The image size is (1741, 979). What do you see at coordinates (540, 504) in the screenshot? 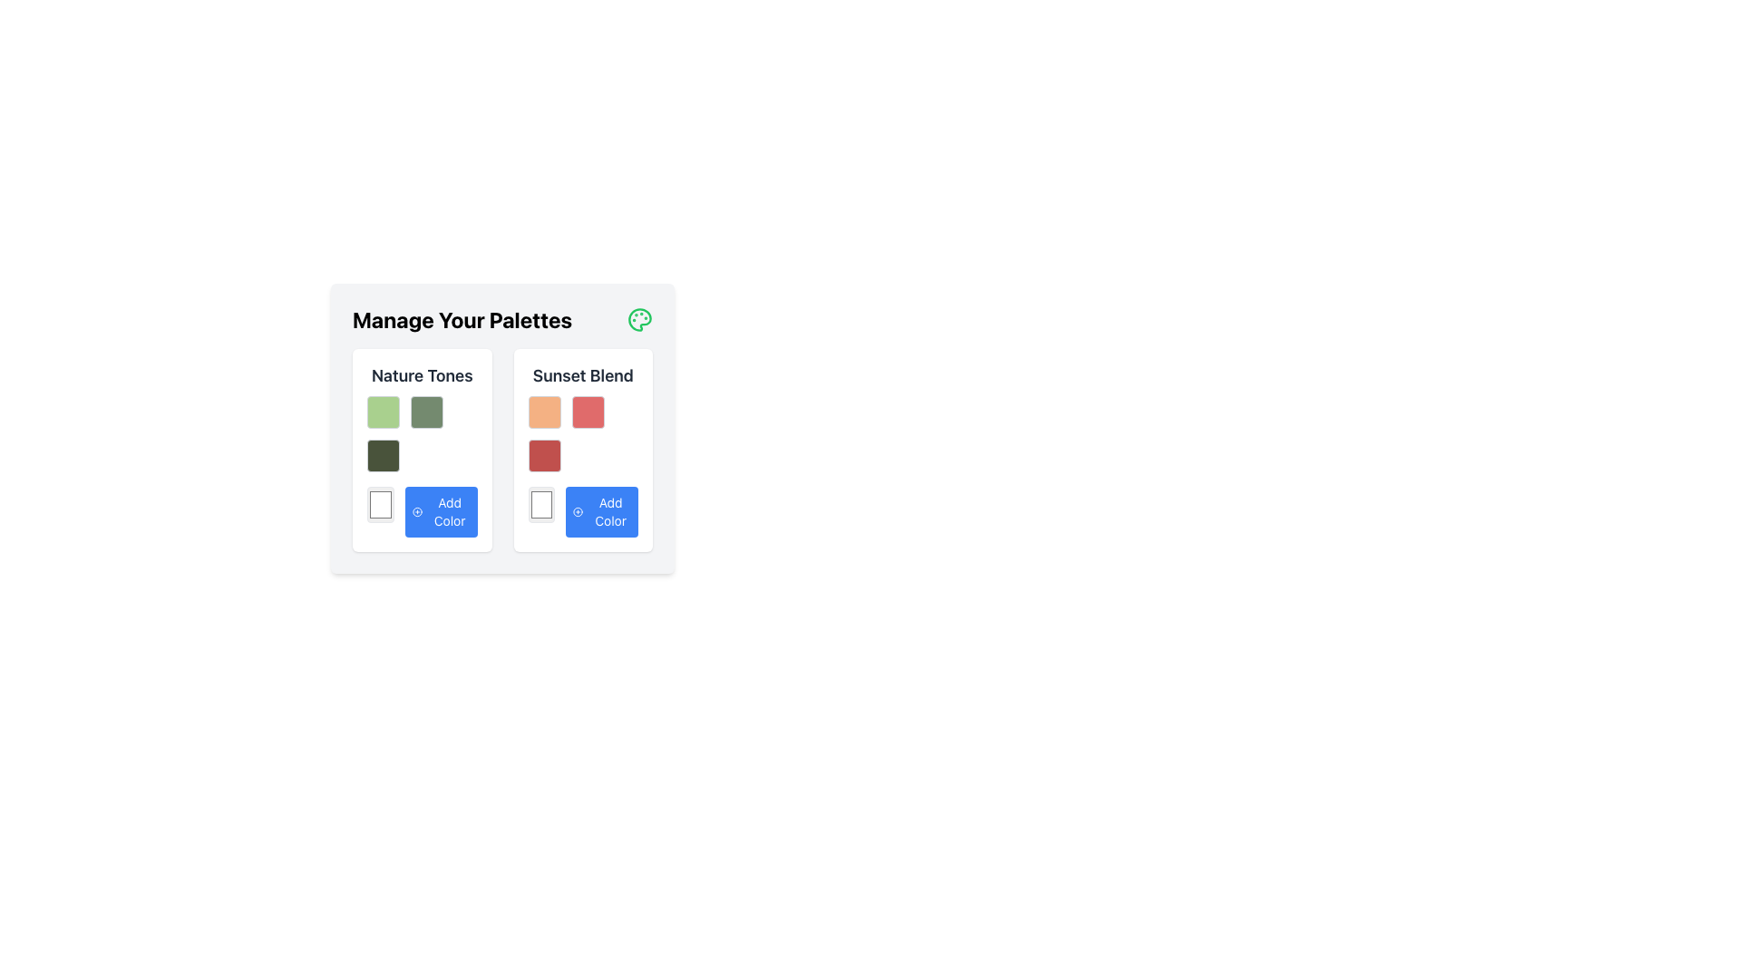
I see `the leftmost color swatch of the 'Sunset Blend' palette` at bounding box center [540, 504].